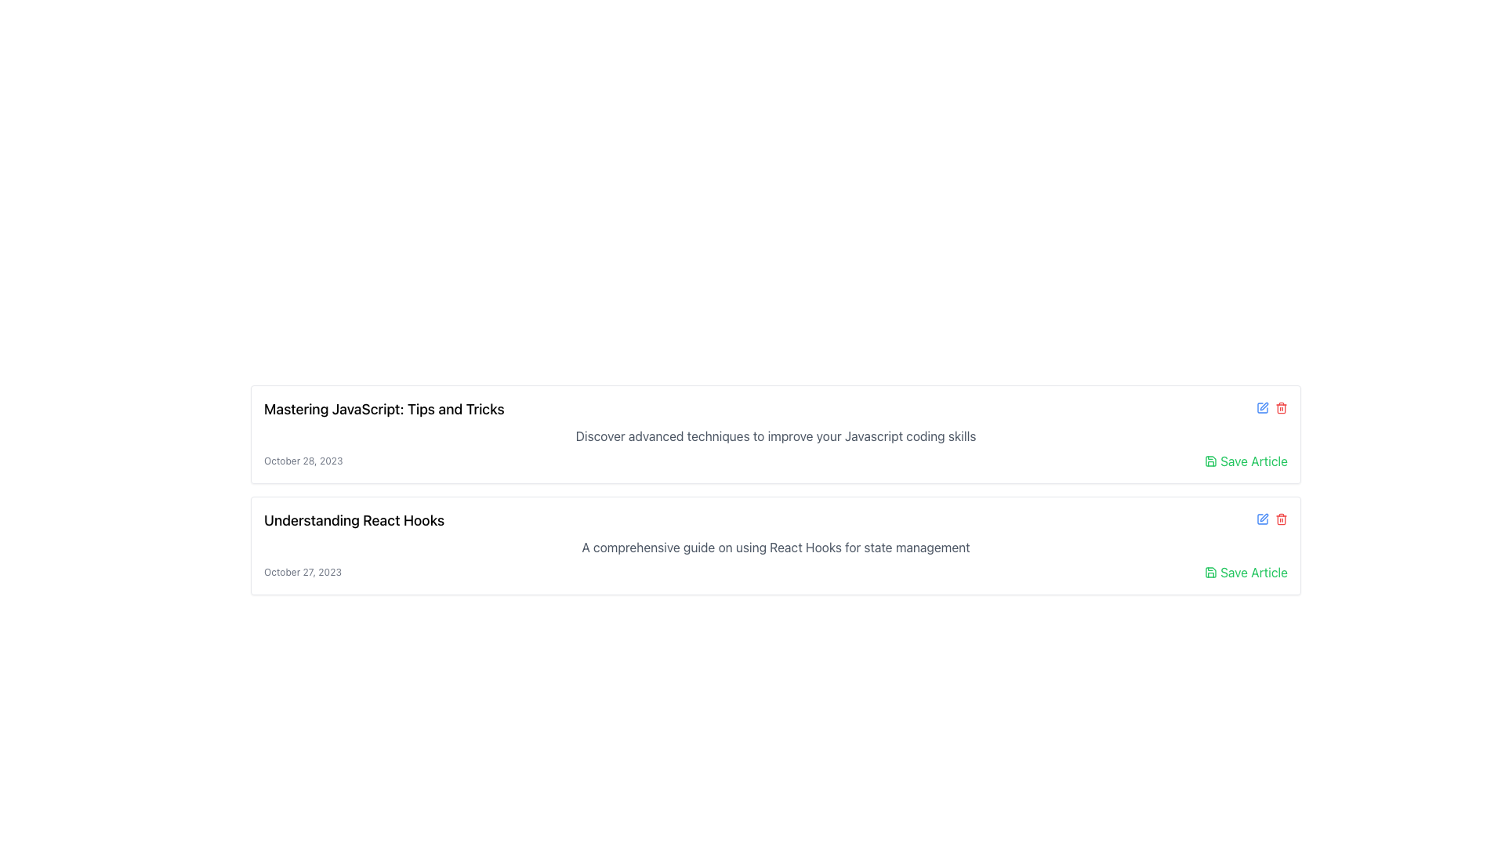 Image resolution: width=1505 pixels, height=846 pixels. What do you see at coordinates (1210, 573) in the screenshot?
I see `the floppy disk icon with a green outline located within the 'Save Article' button` at bounding box center [1210, 573].